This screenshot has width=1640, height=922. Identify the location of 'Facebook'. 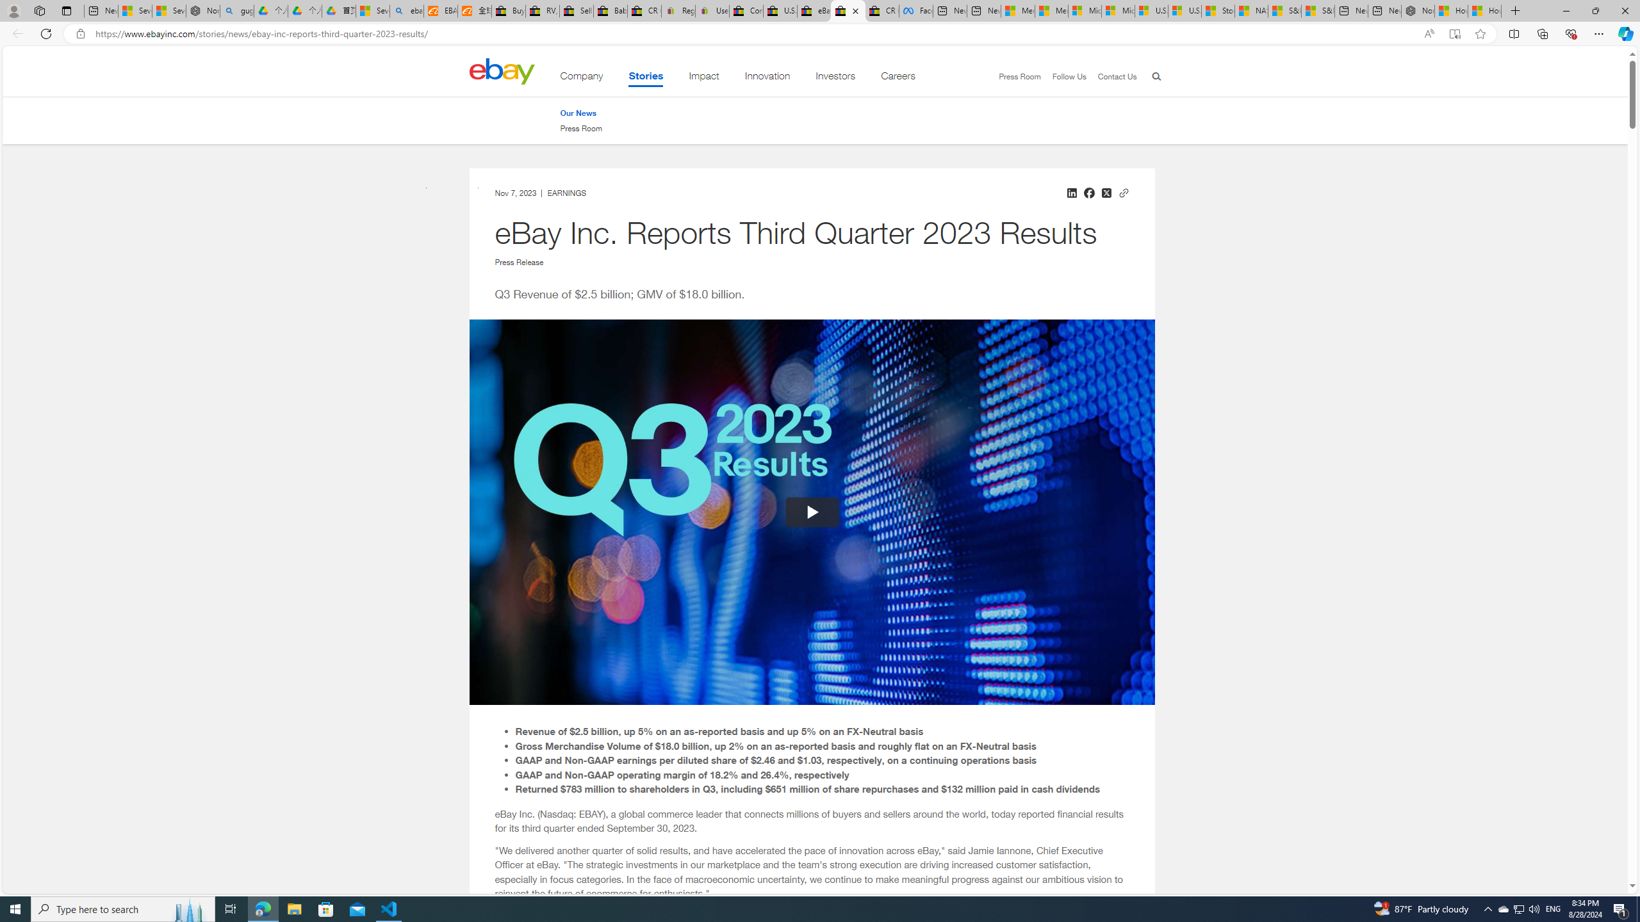
(915, 10).